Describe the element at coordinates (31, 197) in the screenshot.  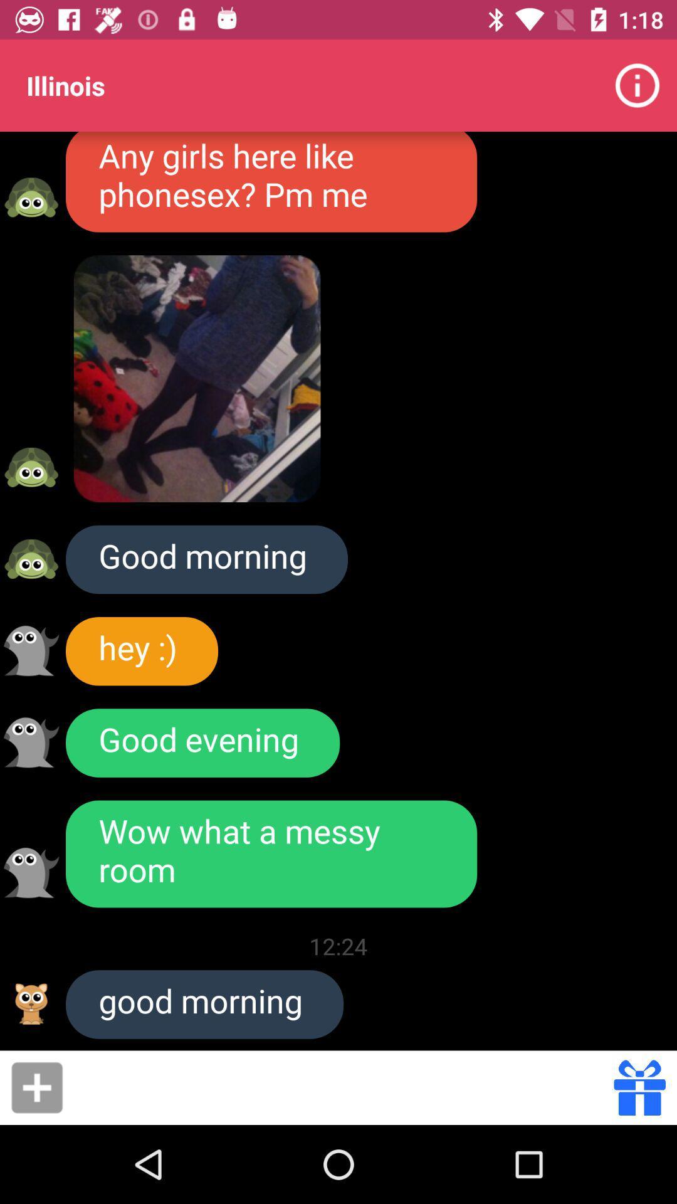
I see `female emoji` at that location.